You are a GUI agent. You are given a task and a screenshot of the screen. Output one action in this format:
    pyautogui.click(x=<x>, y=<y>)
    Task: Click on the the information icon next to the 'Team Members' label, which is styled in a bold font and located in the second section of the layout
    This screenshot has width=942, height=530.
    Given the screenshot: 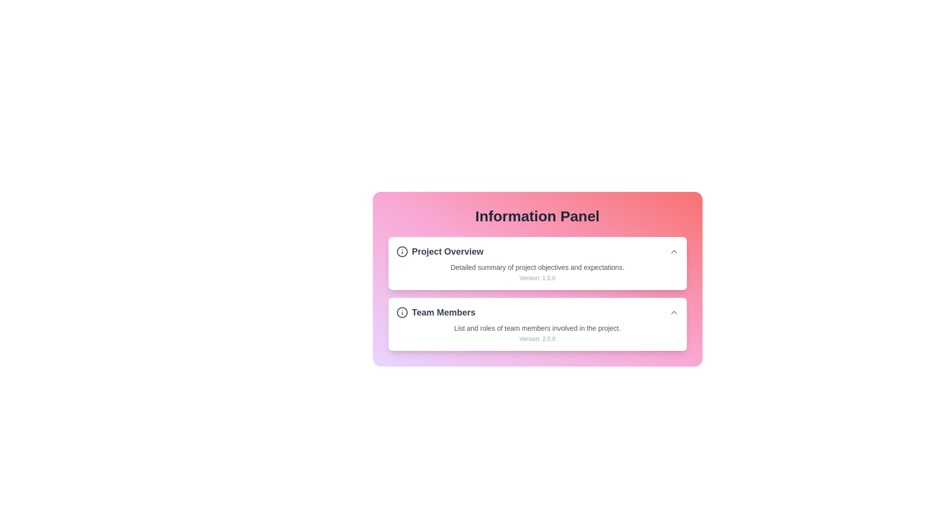 What is the action you would take?
    pyautogui.click(x=435, y=312)
    